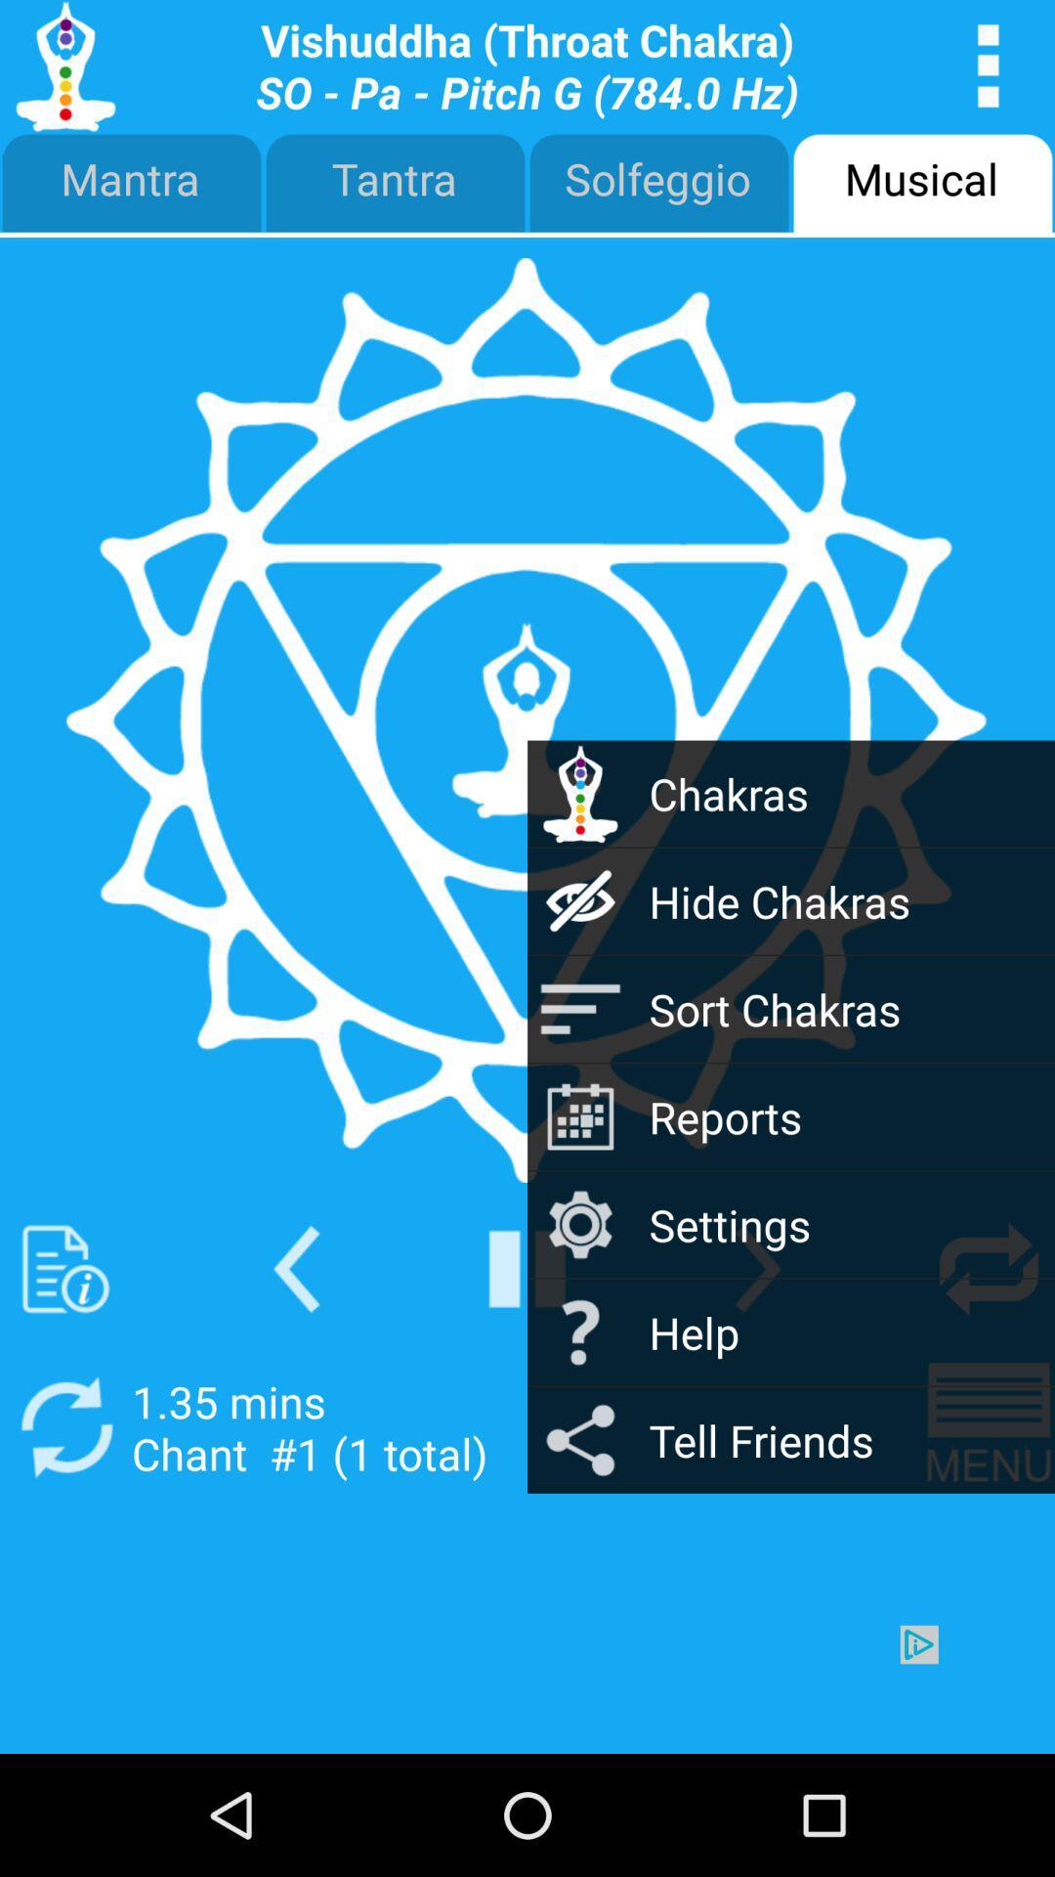  What do you see at coordinates (989, 70) in the screenshot?
I see `the more icon` at bounding box center [989, 70].